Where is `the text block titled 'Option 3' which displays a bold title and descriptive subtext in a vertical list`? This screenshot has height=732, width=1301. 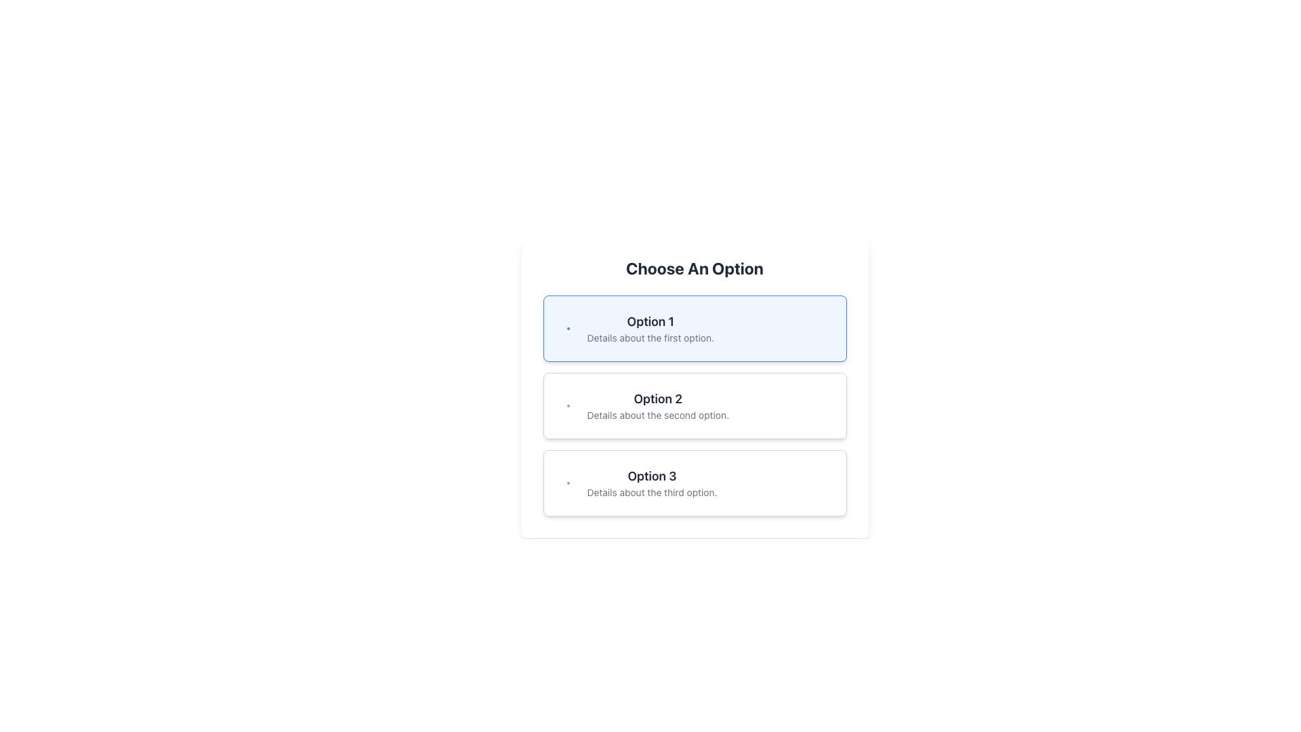
the text block titled 'Option 3' which displays a bold title and descriptive subtext in a vertical list is located at coordinates (652, 483).